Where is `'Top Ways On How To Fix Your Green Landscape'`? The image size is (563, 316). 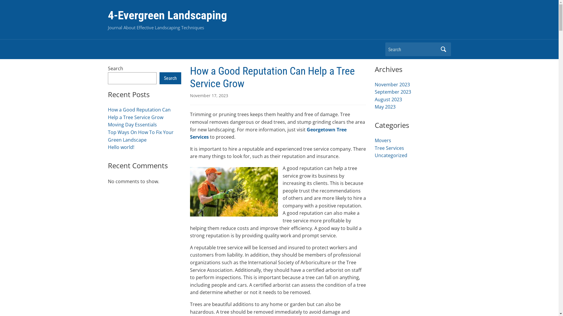 'Top Ways On How To Fix Your Green Landscape' is located at coordinates (141, 136).